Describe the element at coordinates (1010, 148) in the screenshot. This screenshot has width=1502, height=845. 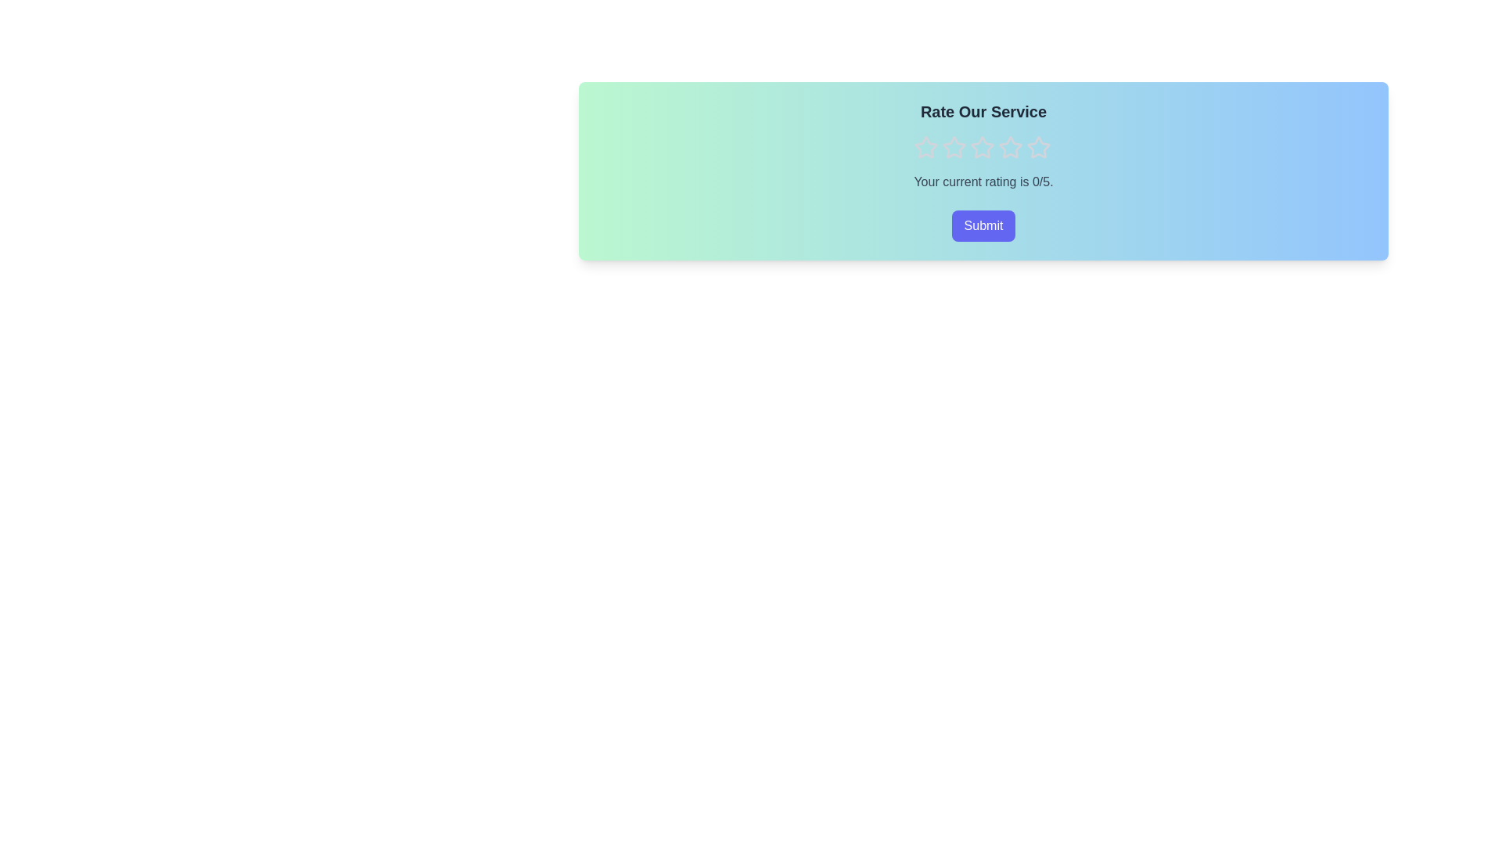
I see `the star icon corresponding to 4 stars to preview the rating` at that location.